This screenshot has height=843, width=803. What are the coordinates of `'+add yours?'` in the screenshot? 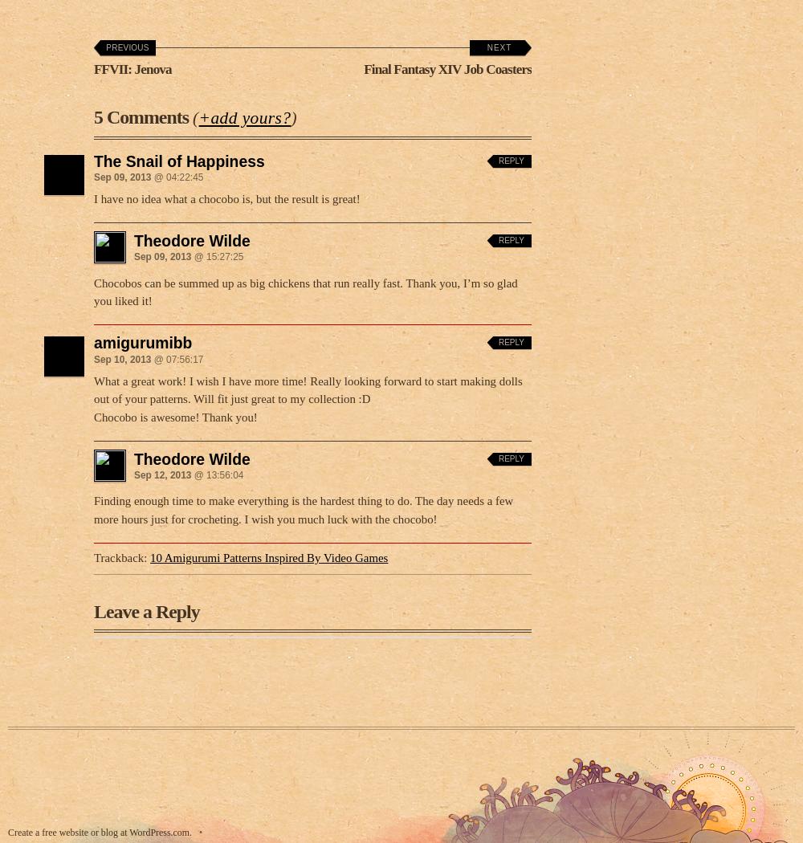 It's located at (244, 112).